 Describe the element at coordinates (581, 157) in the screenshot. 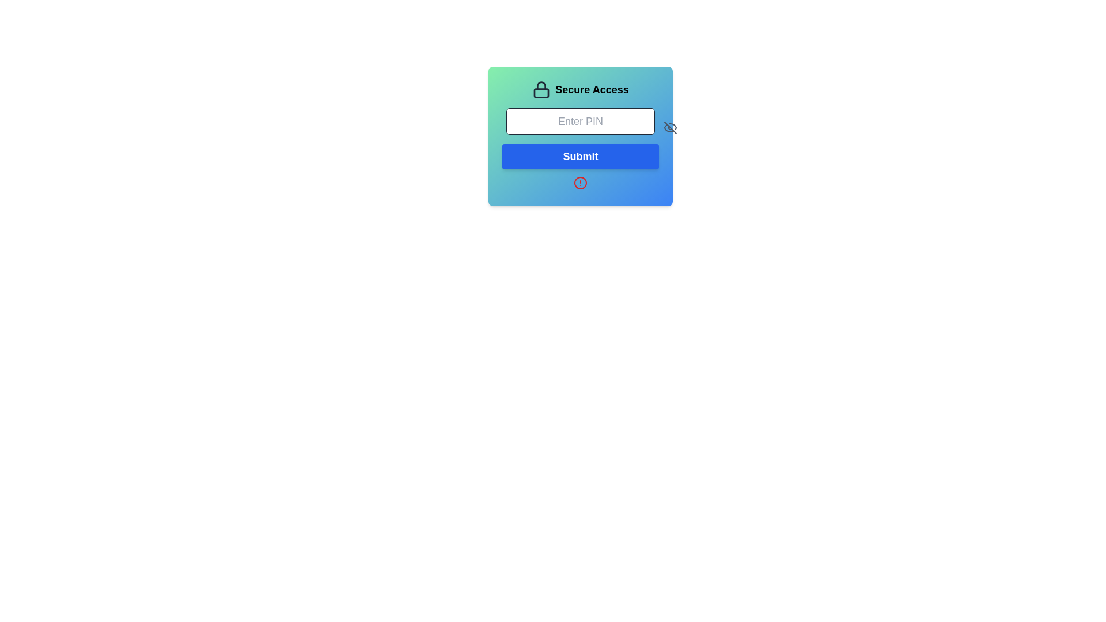

I see `the submit button located below the 'Enter PIN' text input field to observe styling changes` at that location.